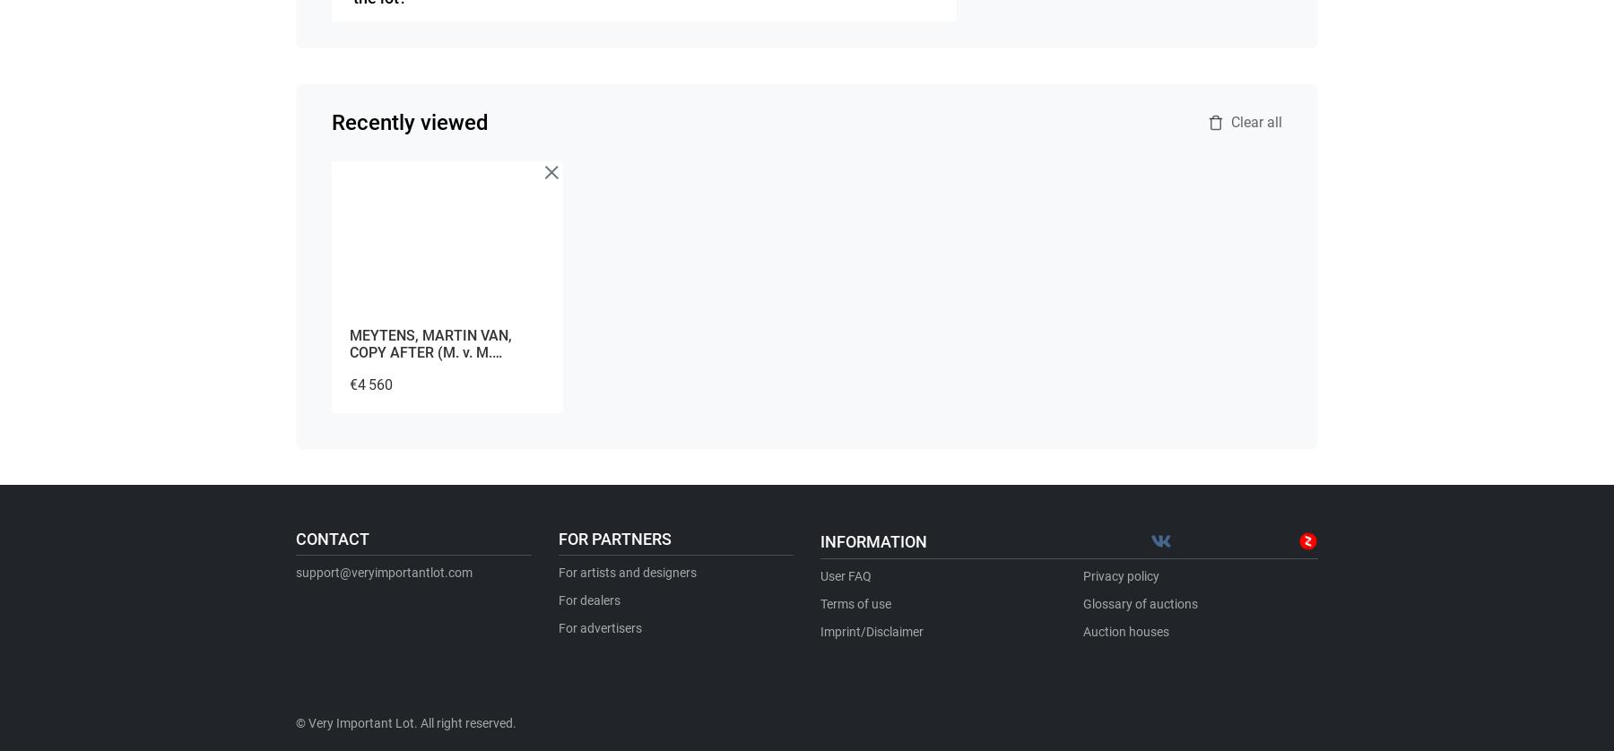 The image size is (1614, 751). Describe the element at coordinates (819, 603) in the screenshot. I see `'Terms of use'` at that location.